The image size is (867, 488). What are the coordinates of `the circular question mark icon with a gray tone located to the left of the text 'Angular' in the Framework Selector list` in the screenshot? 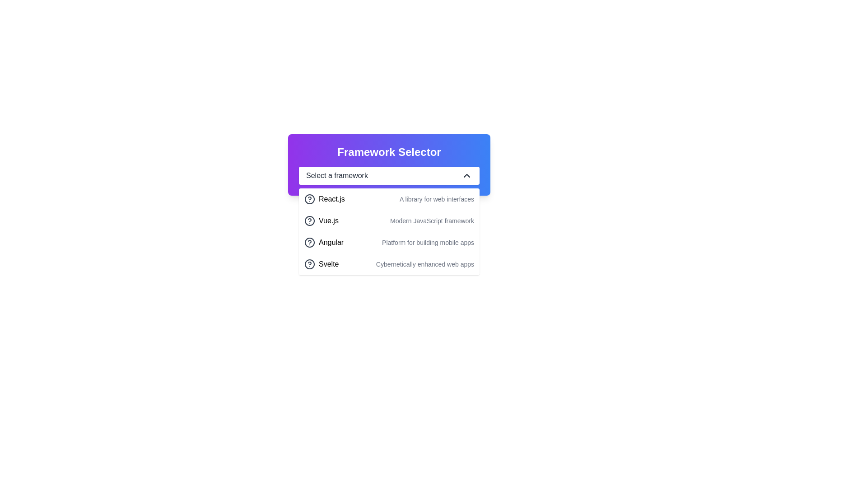 It's located at (310, 242).